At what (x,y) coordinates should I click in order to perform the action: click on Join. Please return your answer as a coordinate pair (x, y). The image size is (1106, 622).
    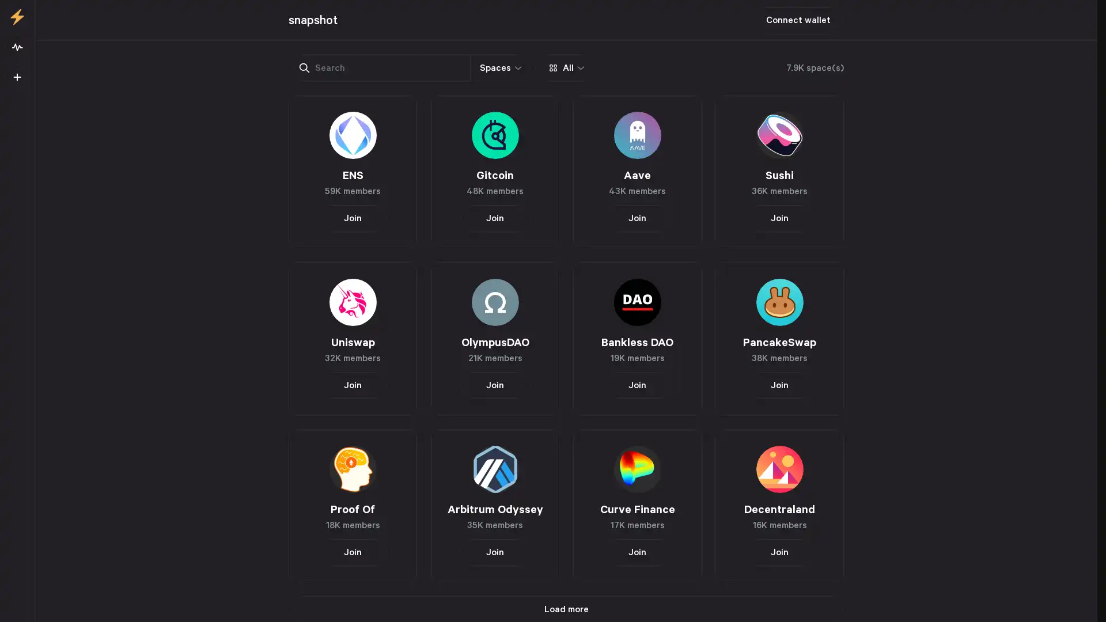
    Looking at the image, I should click on (495, 385).